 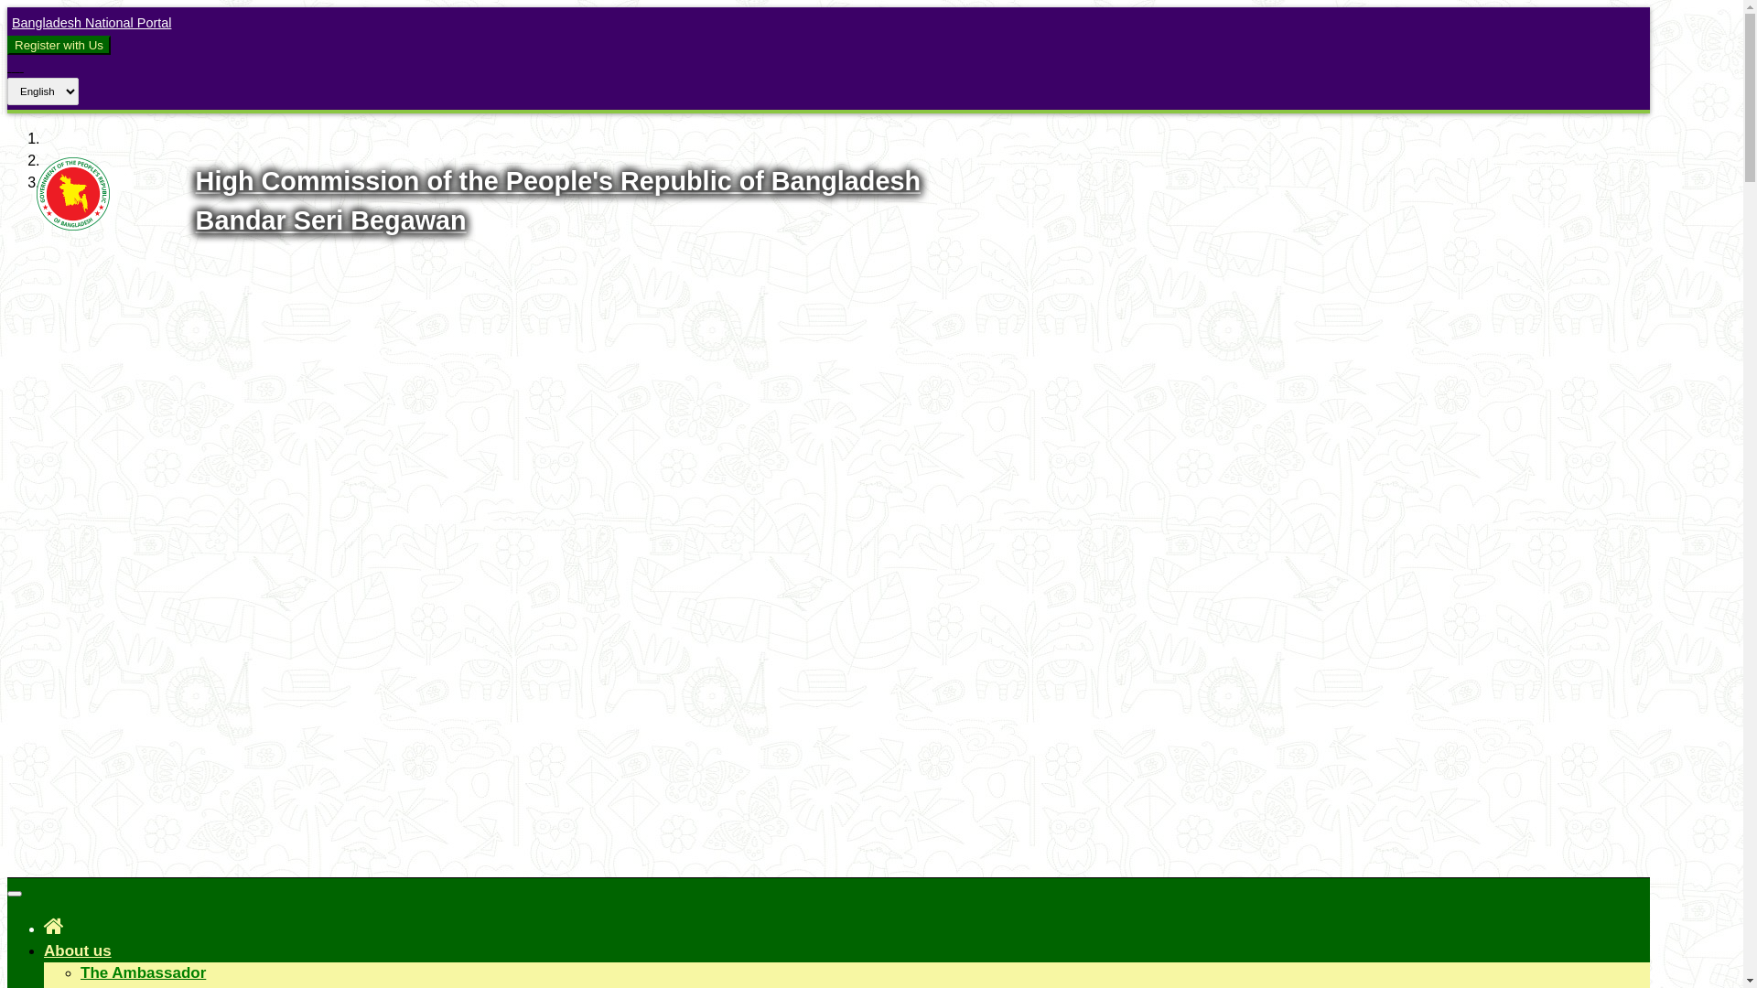 I want to click on 'Register with Us', so click(x=59, y=44).